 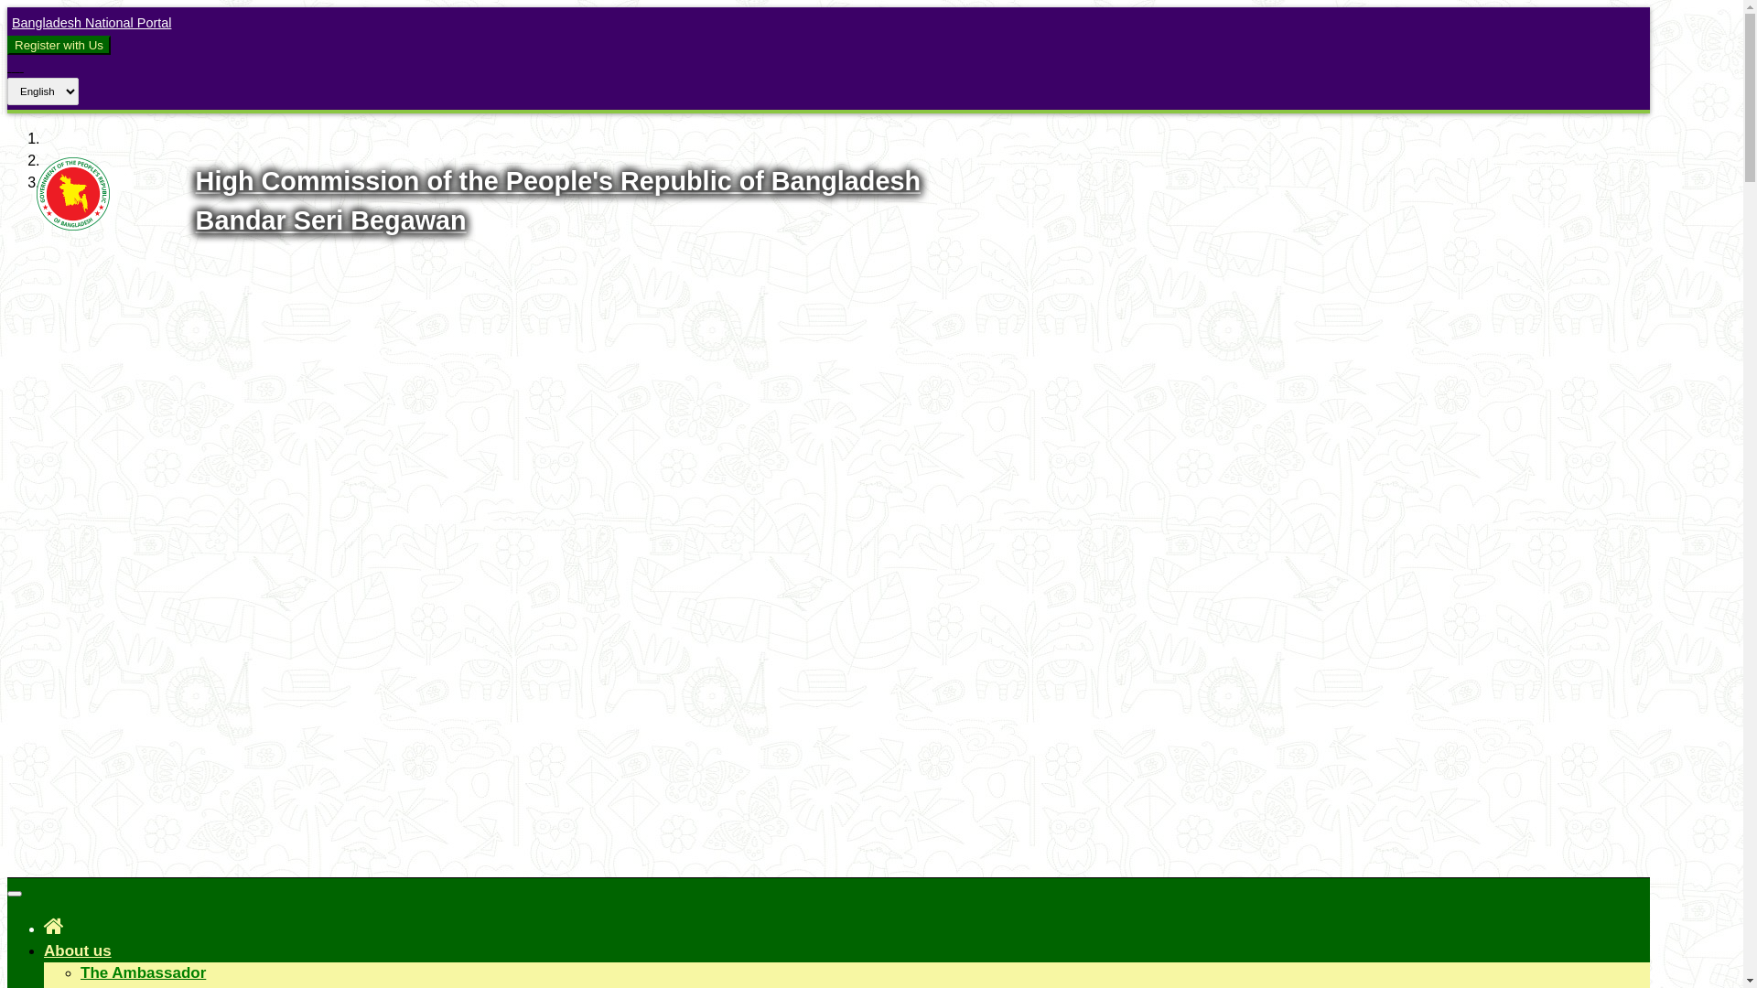 I want to click on 'Register with Us', so click(x=59, y=44).